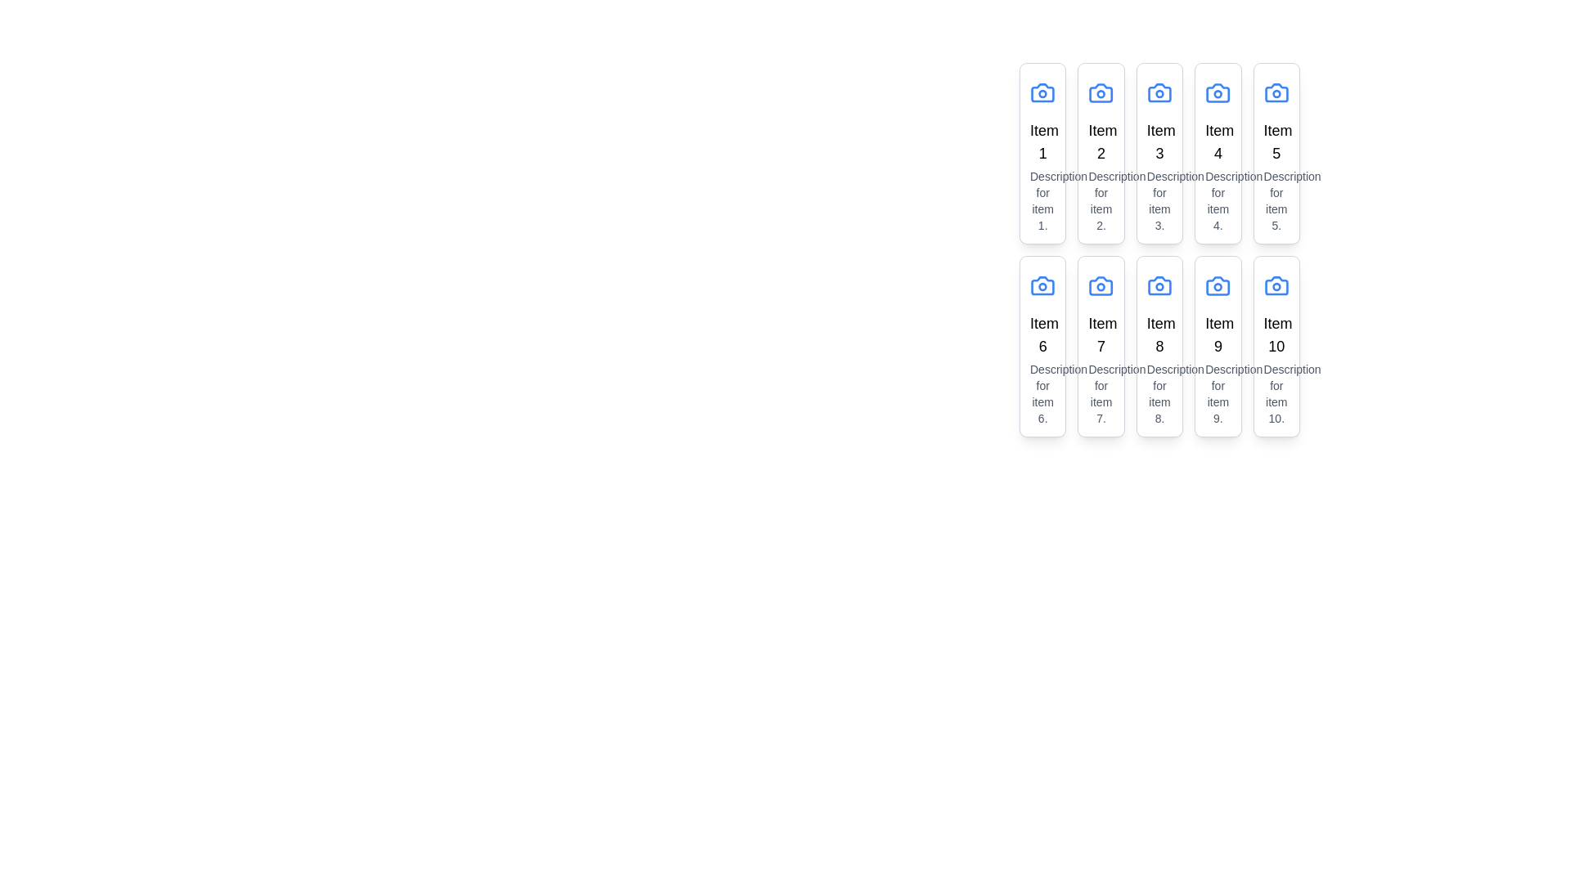 The width and height of the screenshot is (1571, 883). Describe the element at coordinates (1218, 154) in the screenshot. I see `the 'Item 4' card, which features a camera icon at the top center and the text 'Item 4' in bold` at that location.